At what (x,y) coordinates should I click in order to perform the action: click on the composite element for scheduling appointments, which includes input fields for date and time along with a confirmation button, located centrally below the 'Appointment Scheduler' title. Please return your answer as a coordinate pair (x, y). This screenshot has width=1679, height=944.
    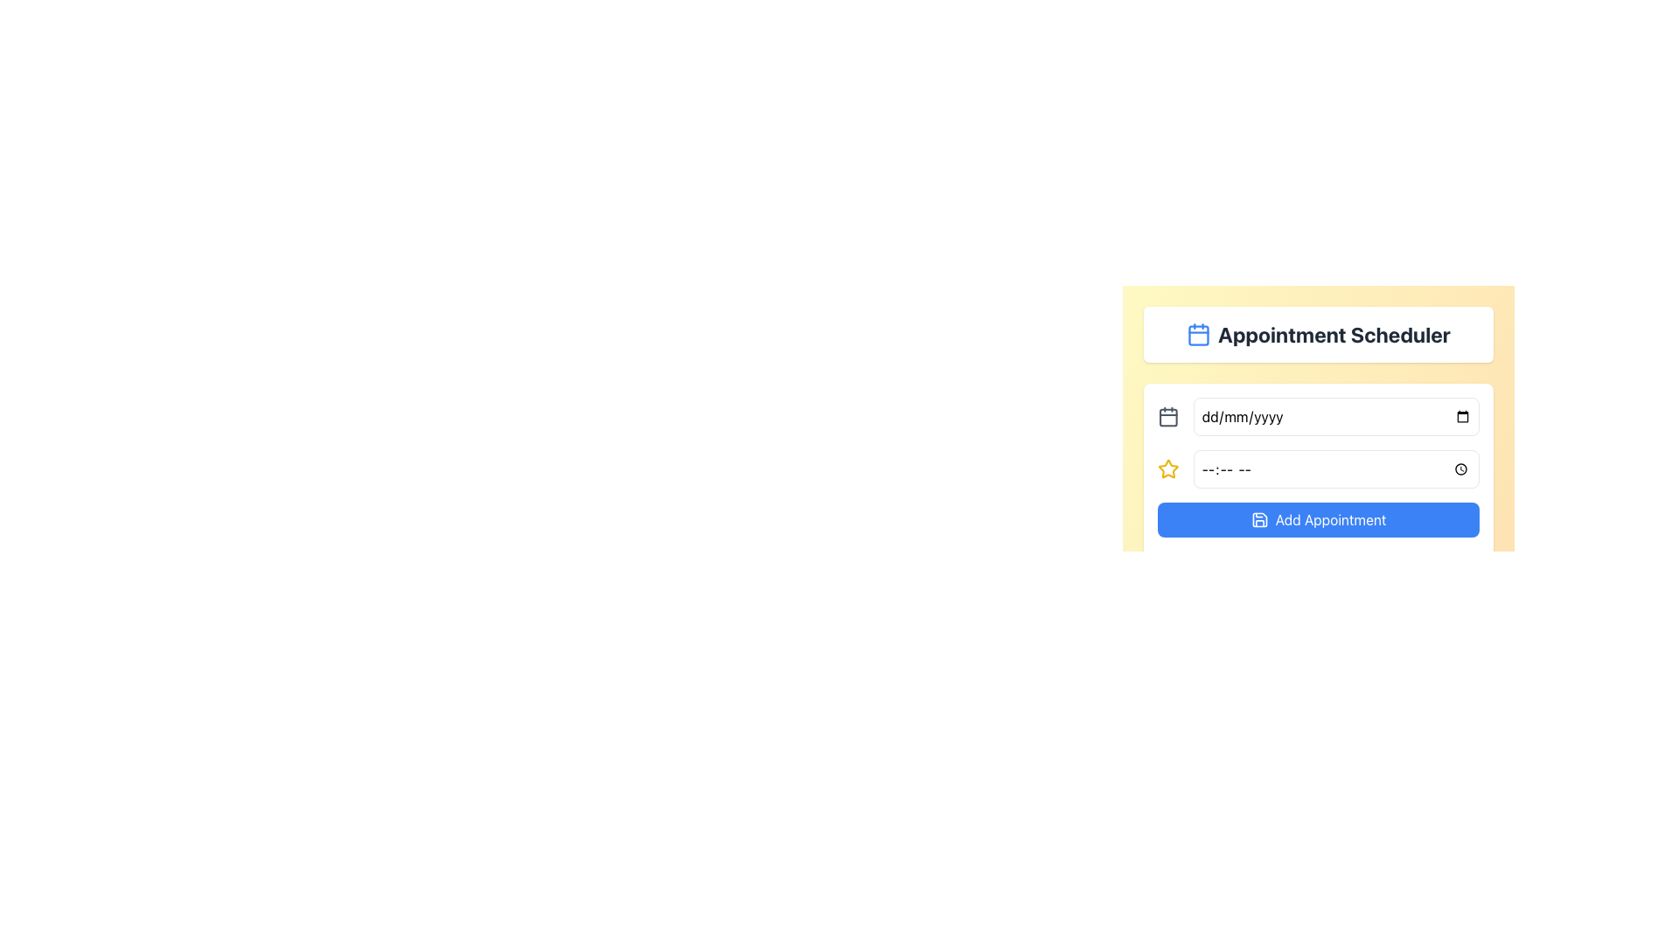
    Looking at the image, I should click on (1318, 475).